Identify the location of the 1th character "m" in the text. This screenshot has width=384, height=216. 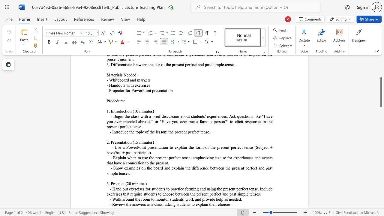
(148, 199).